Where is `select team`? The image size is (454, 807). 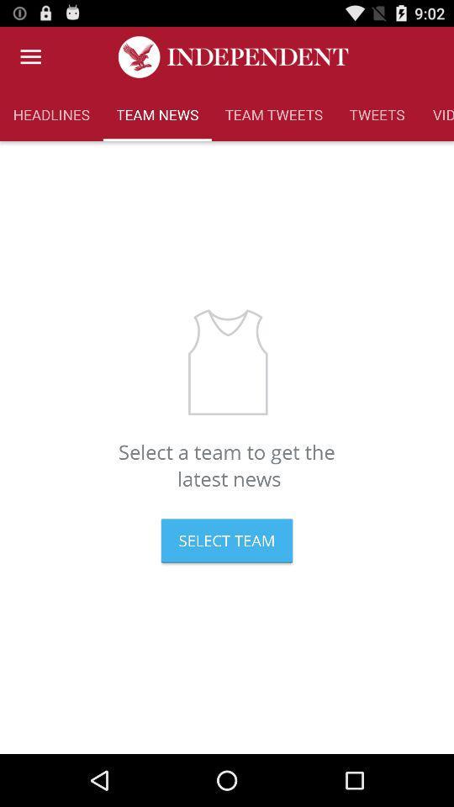 select team is located at coordinates (227, 540).